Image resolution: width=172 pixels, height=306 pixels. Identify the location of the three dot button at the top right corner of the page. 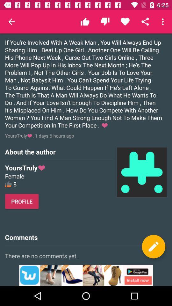
(164, 22).